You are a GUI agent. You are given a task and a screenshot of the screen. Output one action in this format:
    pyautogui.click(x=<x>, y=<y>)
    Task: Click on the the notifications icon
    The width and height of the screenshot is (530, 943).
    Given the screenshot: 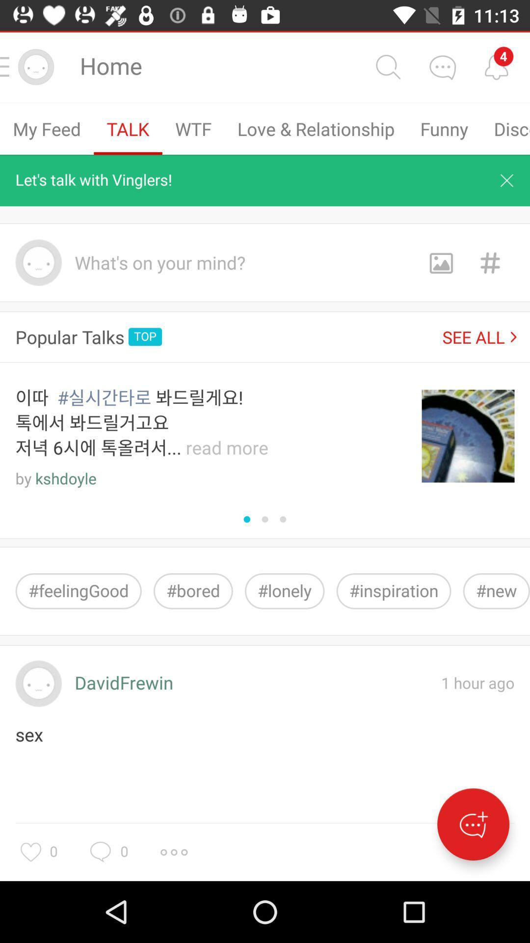 What is the action you would take?
    pyautogui.click(x=496, y=66)
    